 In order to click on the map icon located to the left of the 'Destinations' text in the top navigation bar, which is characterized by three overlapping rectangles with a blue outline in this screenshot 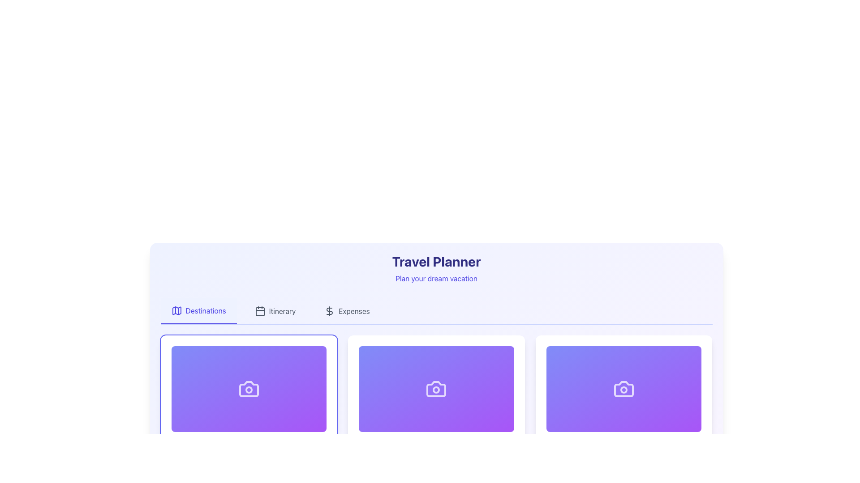, I will do `click(176, 310)`.